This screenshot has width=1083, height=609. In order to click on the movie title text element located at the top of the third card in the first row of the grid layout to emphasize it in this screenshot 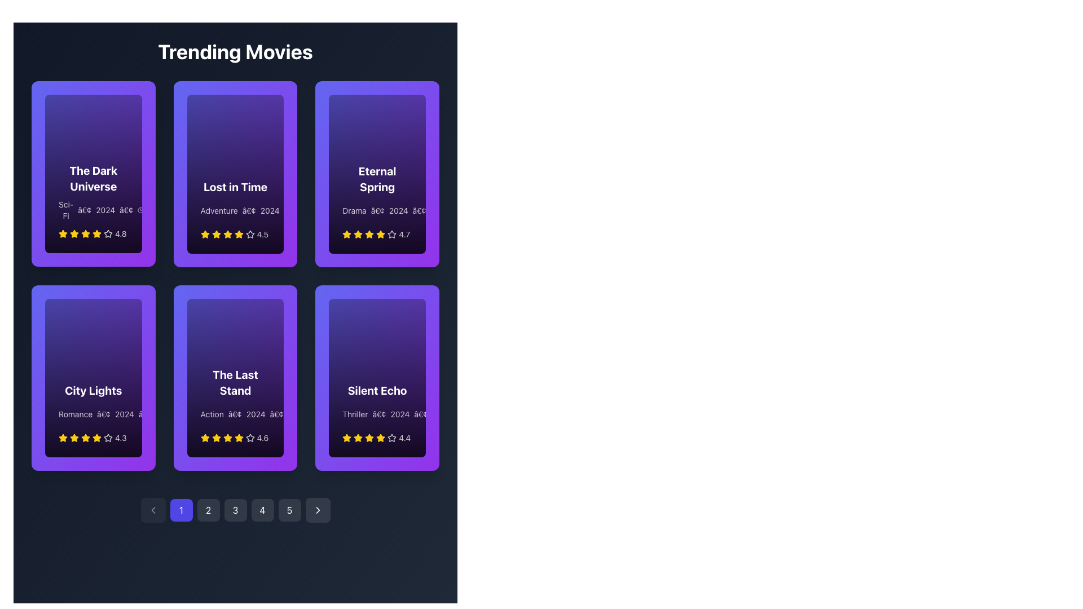, I will do `click(377, 178)`.